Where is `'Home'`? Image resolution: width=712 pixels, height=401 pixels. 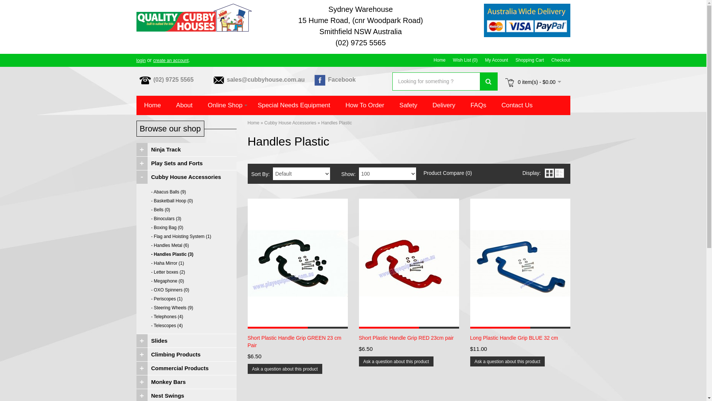
'Home' is located at coordinates (247, 123).